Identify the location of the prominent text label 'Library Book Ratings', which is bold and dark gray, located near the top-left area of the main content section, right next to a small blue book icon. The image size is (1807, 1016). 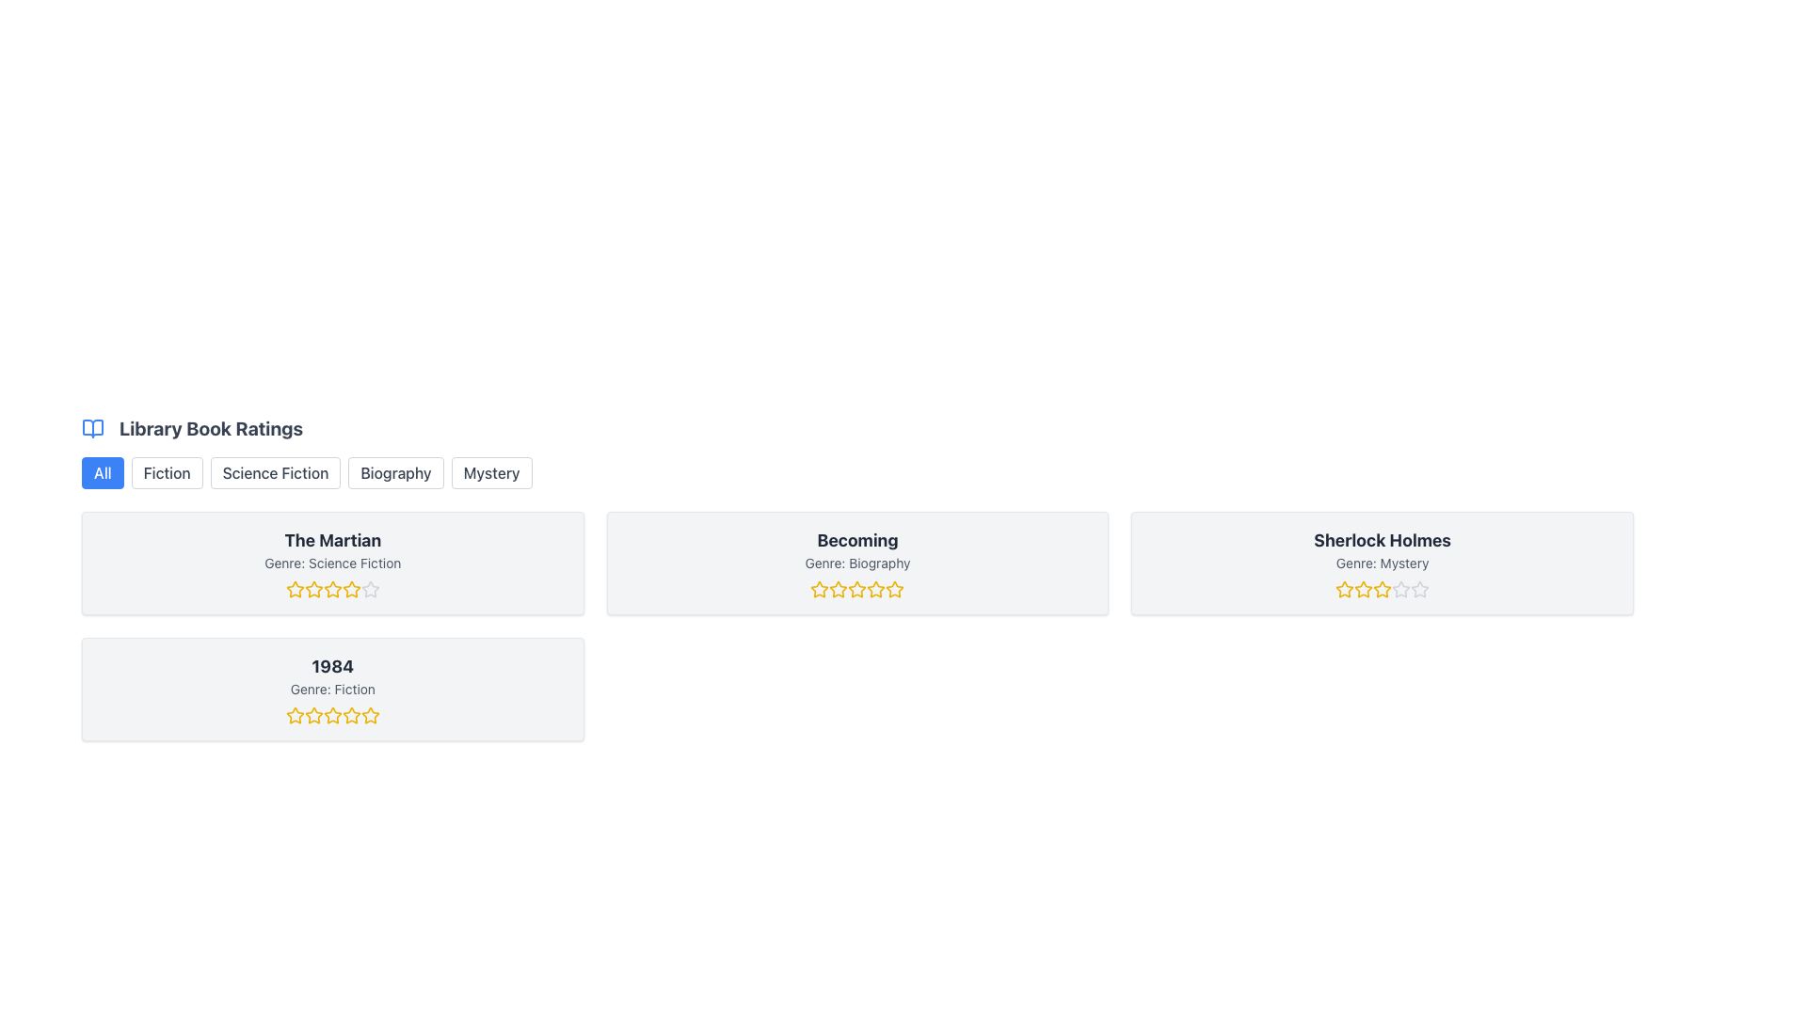
(211, 428).